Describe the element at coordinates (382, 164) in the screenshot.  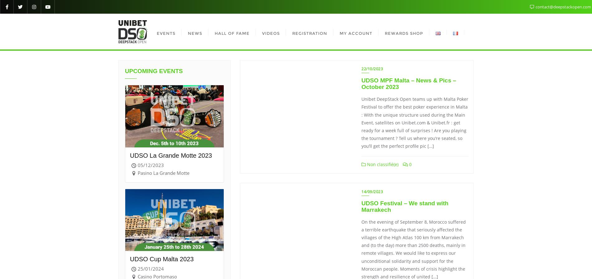
I see `'Non classifié(e)'` at that location.